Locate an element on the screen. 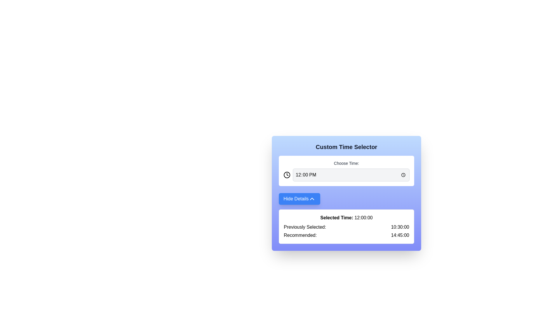 Image resolution: width=560 pixels, height=315 pixels. the bold and large text label that reads 'Custom Time Selector', which is positioned at the top of the custom time selector interface is located at coordinates (346, 147).